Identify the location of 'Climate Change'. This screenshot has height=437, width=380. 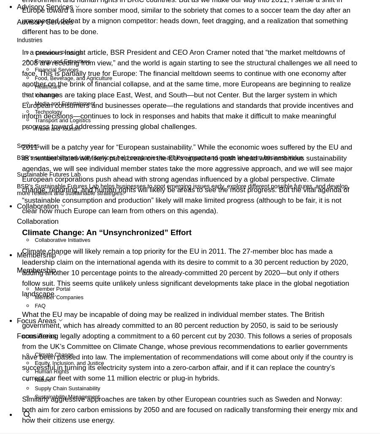
(56, 279).